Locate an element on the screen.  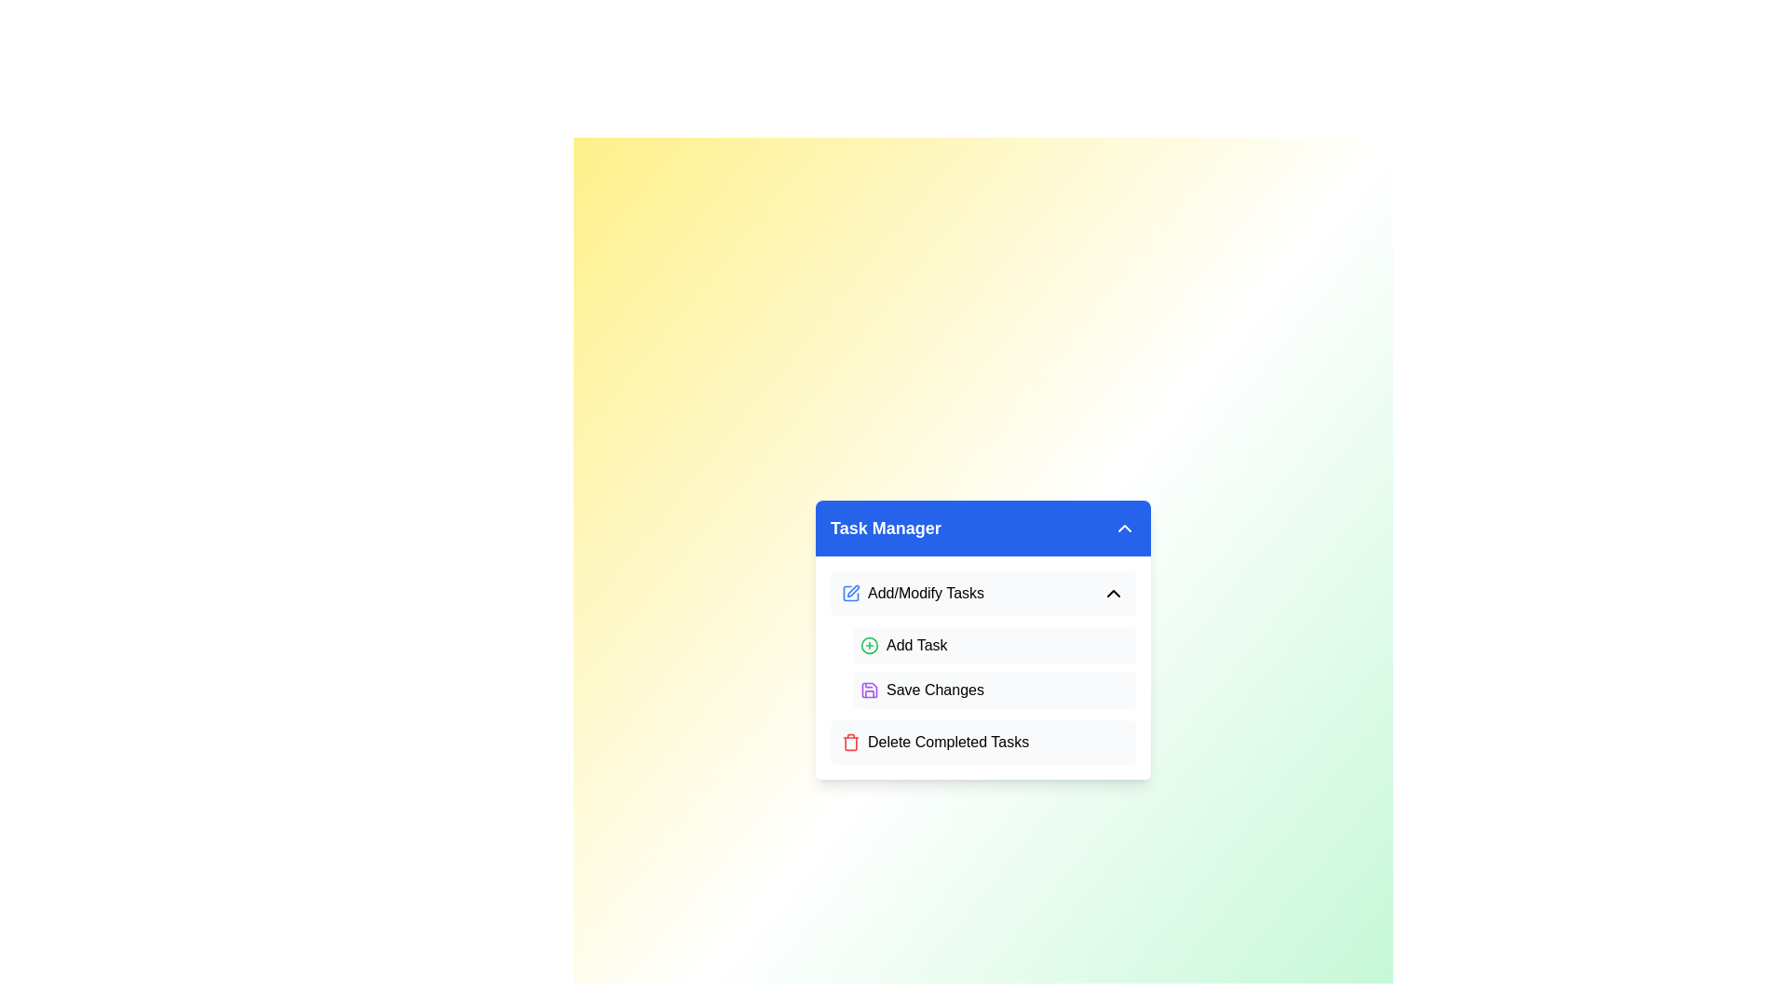
the 'Save Changes' button in the 'Task Manager' interface is located at coordinates (935, 690).